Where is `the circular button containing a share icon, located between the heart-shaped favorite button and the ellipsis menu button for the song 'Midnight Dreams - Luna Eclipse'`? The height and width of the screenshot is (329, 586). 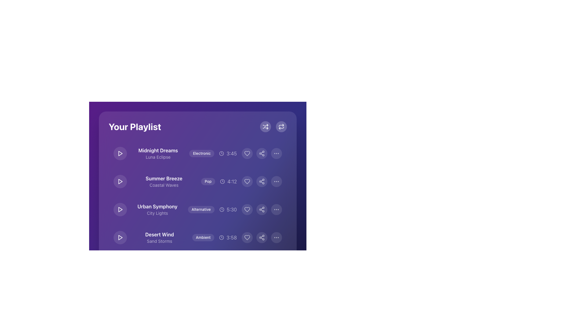
the circular button containing a share icon, located between the heart-shaped favorite button and the ellipsis menu button for the song 'Midnight Dreams - Luna Eclipse' is located at coordinates (262, 153).